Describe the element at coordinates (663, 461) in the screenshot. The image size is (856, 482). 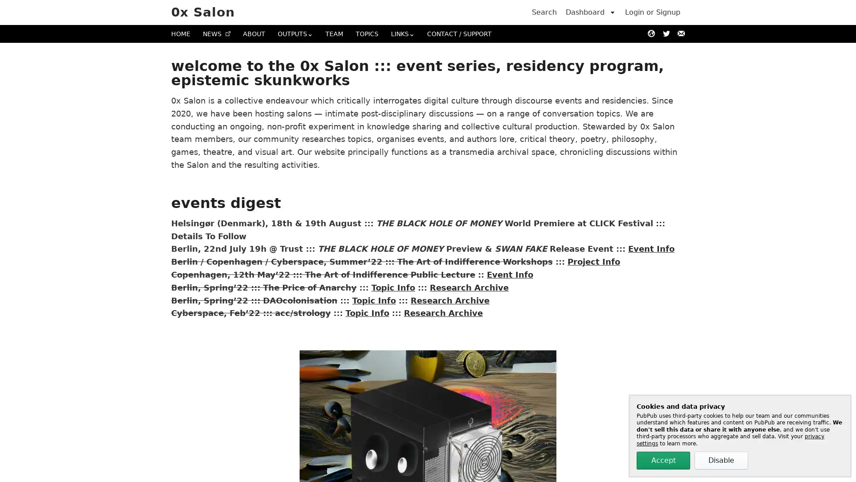
I see `Accept` at that location.